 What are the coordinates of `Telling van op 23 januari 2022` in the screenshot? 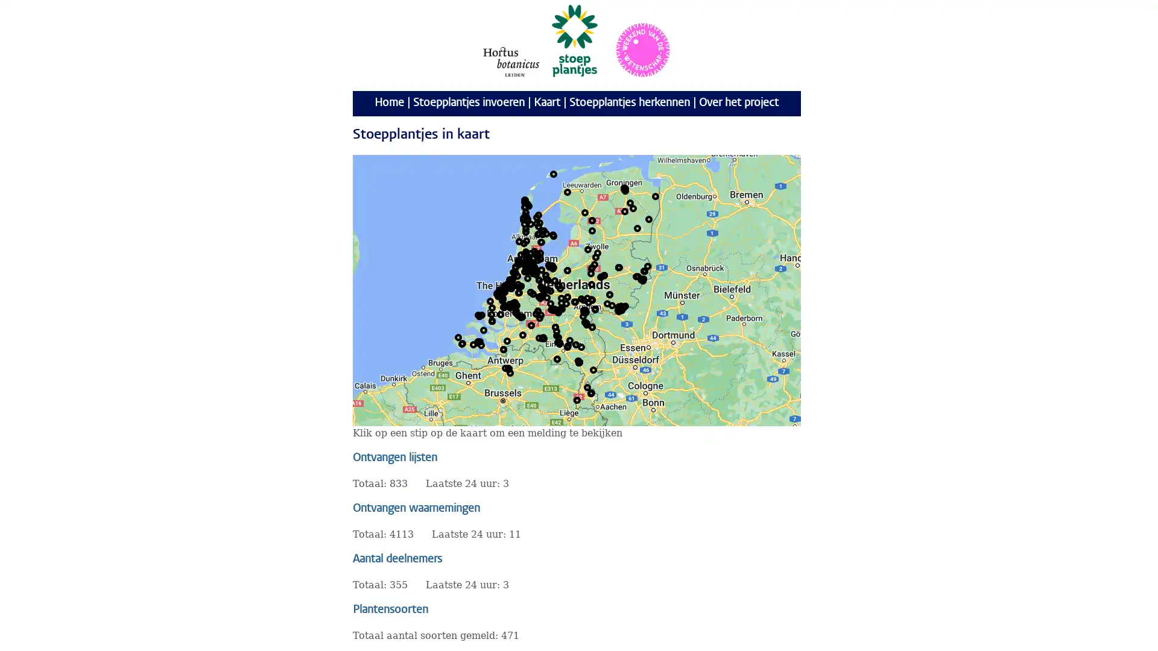 It's located at (552, 309).